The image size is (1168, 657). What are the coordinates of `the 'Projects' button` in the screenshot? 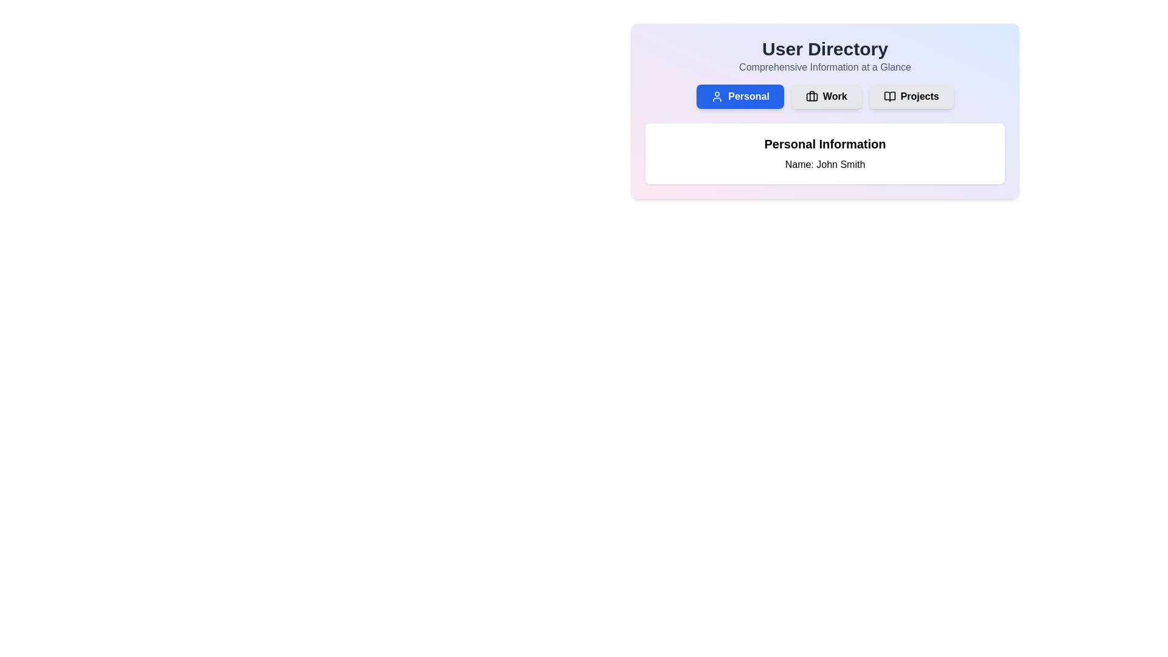 It's located at (911, 96).